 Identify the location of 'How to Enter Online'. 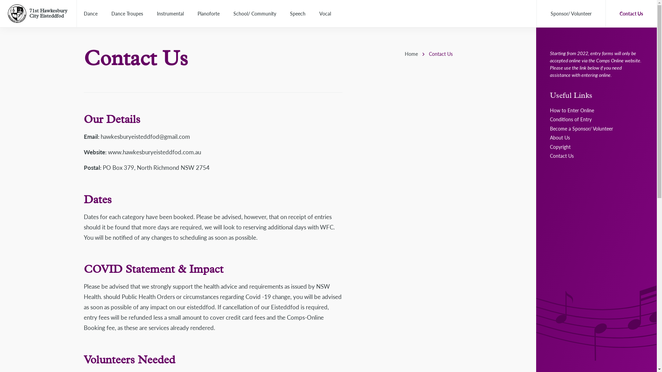
(572, 110).